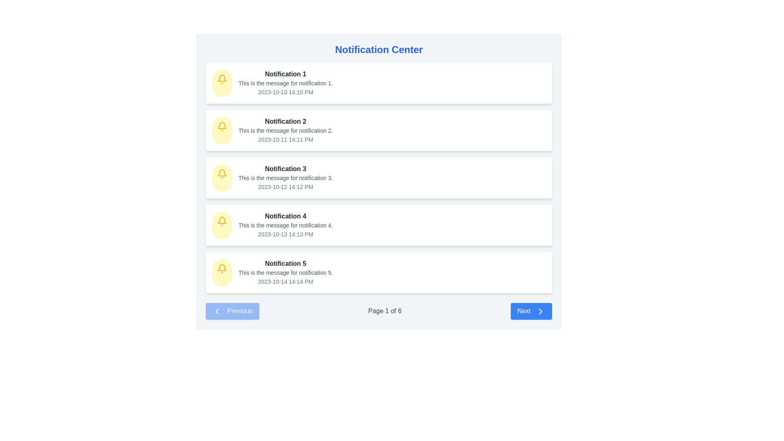 Image resolution: width=784 pixels, height=441 pixels. I want to click on the 'next' arrow icon located in the bottom-right corner of the interface to trigger a tooltip or hover effect, so click(541, 311).